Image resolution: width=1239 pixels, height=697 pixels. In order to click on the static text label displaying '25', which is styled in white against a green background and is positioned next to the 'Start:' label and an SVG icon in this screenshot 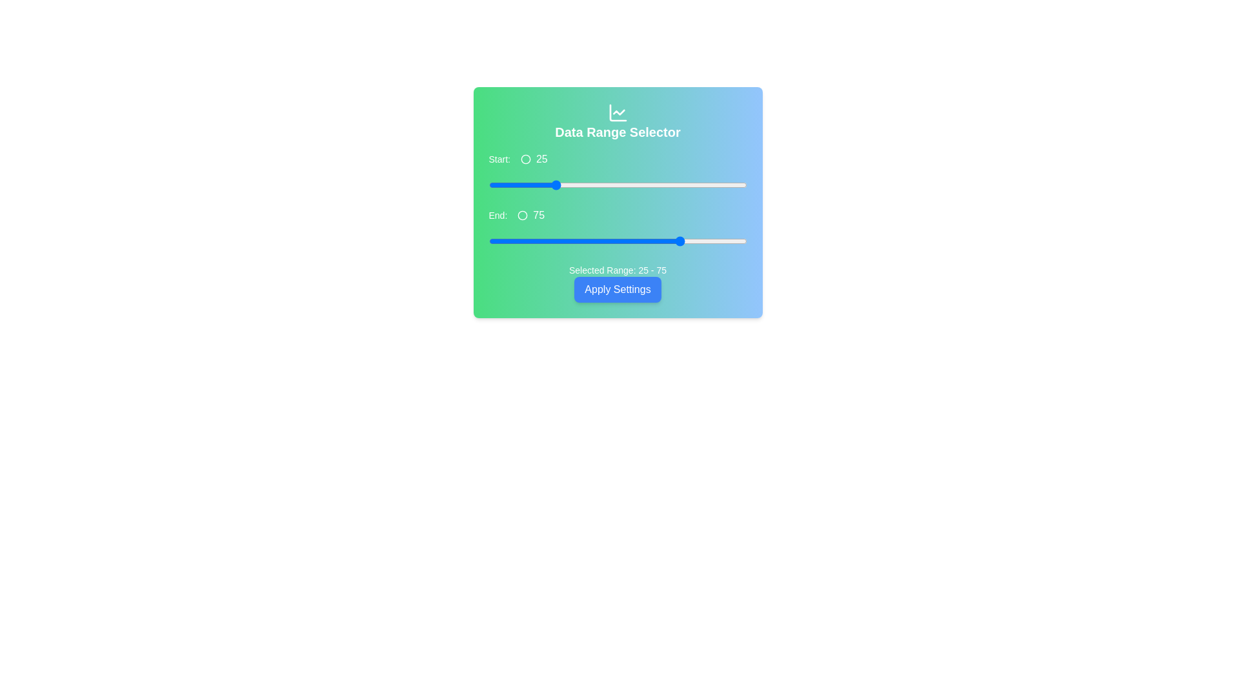, I will do `click(541, 158)`.